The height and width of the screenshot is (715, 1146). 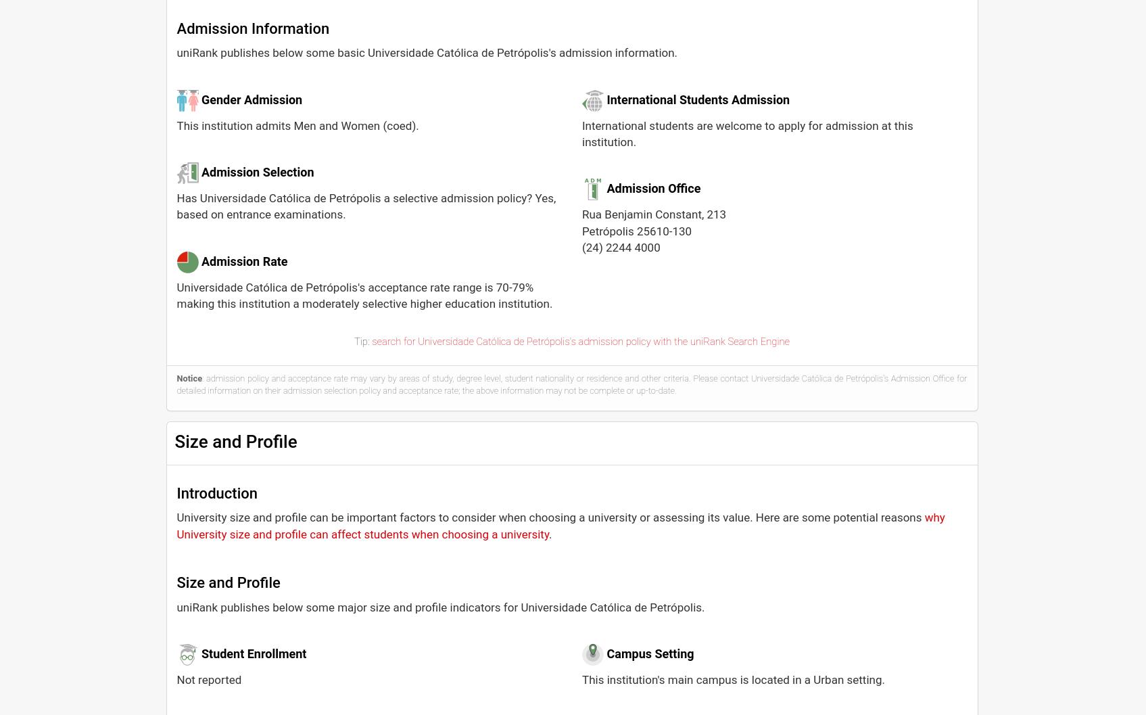 What do you see at coordinates (549, 534) in the screenshot?
I see `'.'` at bounding box center [549, 534].